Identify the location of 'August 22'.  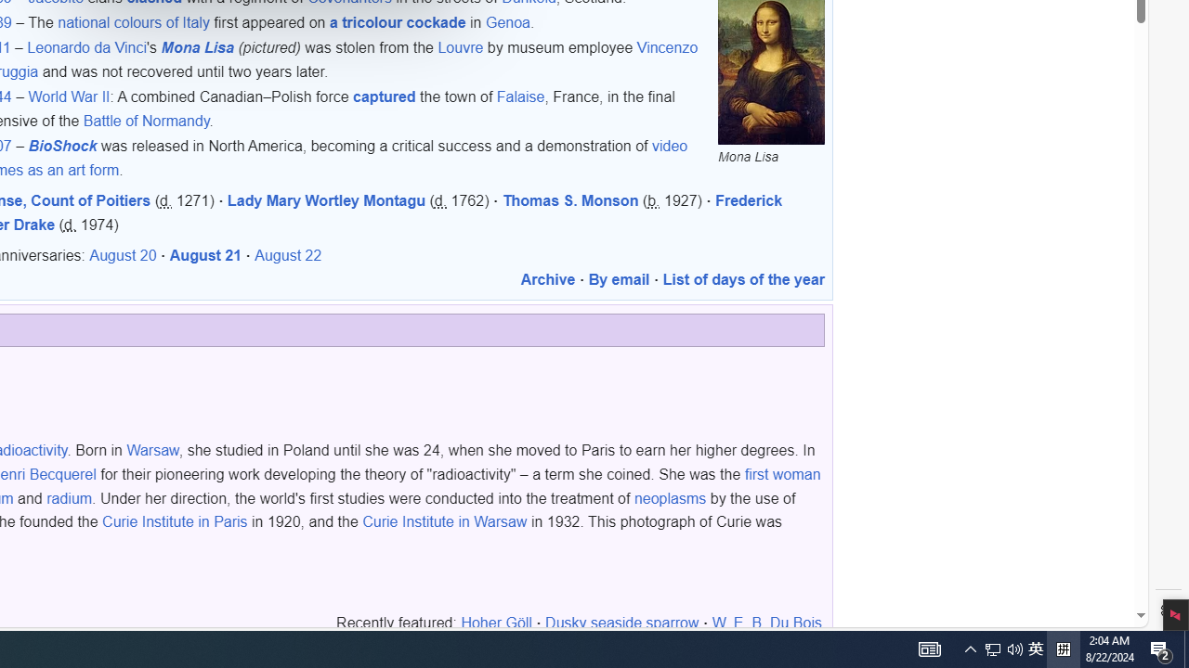
(287, 256).